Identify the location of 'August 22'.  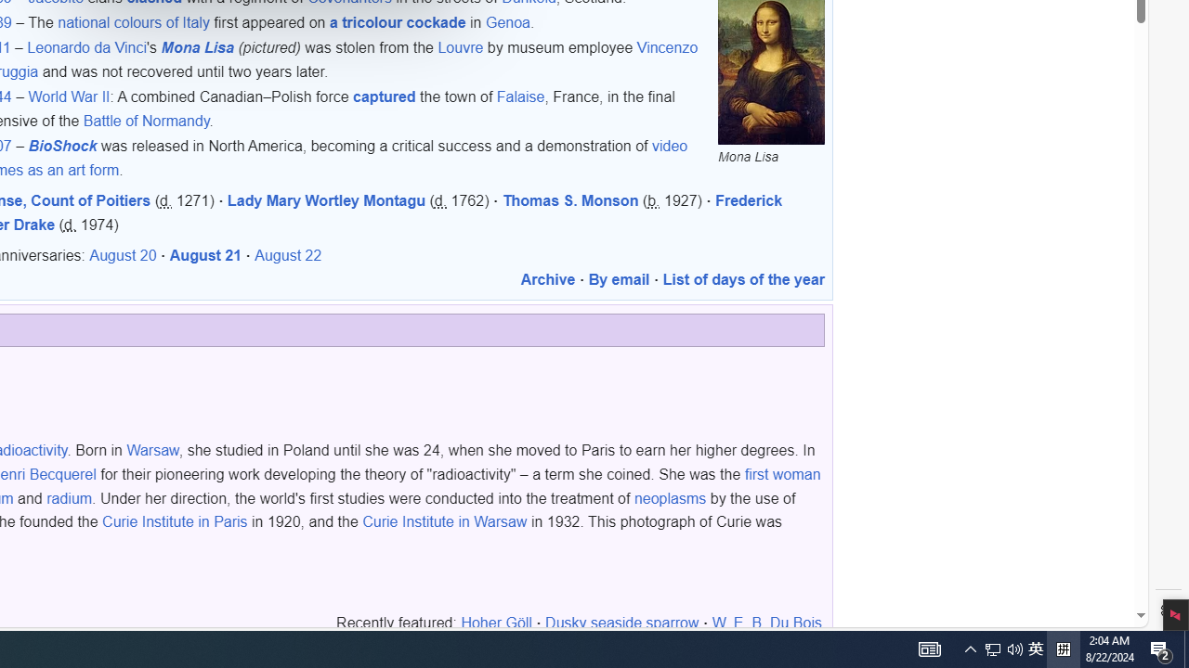
(287, 256).